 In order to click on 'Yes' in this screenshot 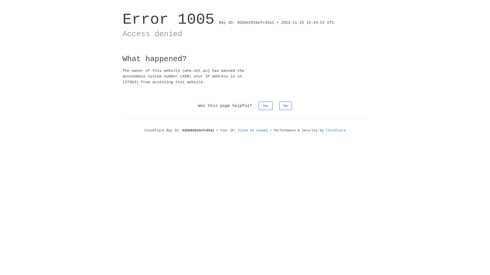, I will do `click(265, 105)`.